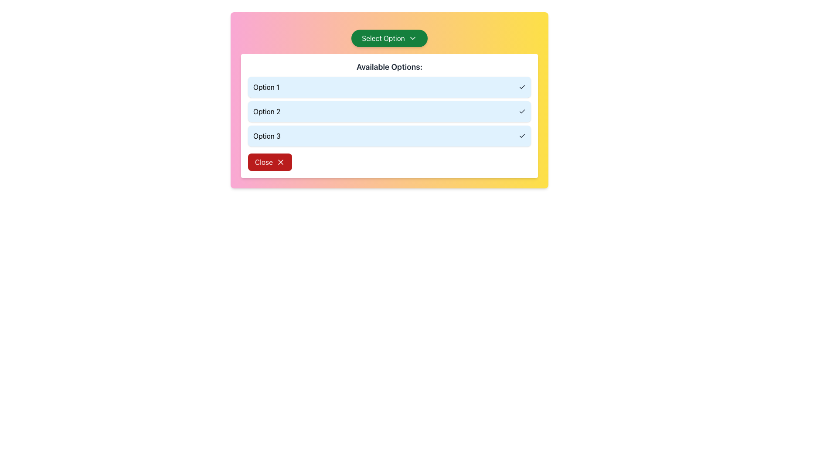 Image resolution: width=837 pixels, height=471 pixels. What do you see at coordinates (389, 136) in the screenshot?
I see `the third option labeled 'Option 3' in the dropdown-like menu` at bounding box center [389, 136].